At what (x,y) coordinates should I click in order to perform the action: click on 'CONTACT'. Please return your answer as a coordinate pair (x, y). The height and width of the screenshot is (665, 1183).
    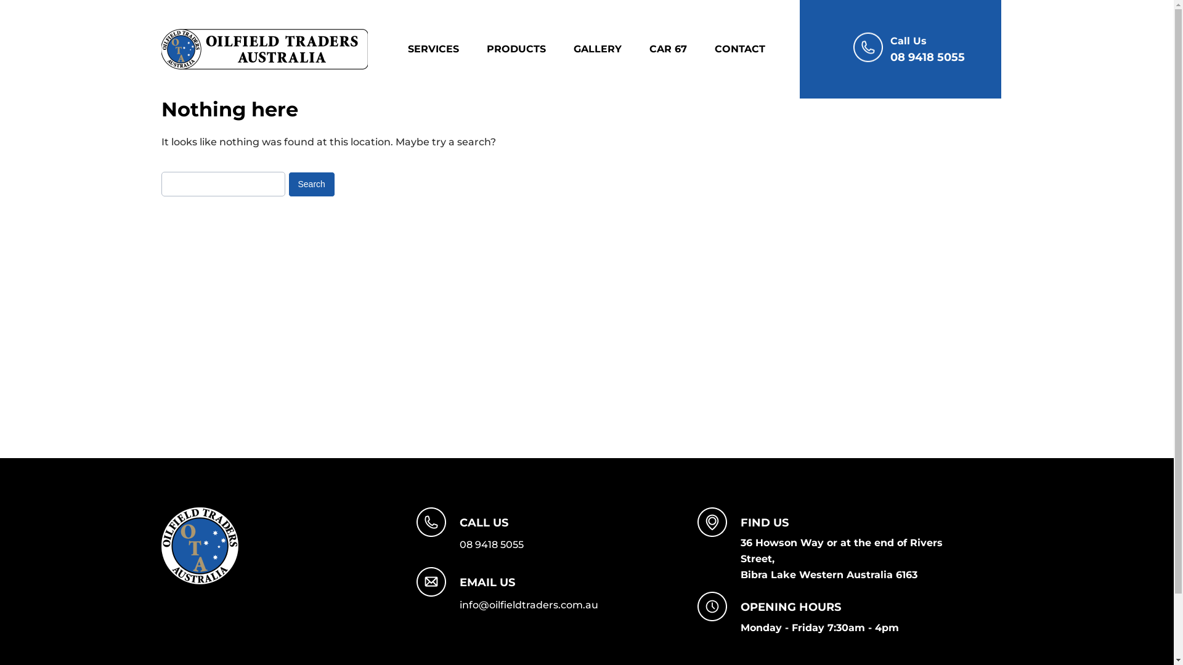
    Looking at the image, I should click on (751, 48).